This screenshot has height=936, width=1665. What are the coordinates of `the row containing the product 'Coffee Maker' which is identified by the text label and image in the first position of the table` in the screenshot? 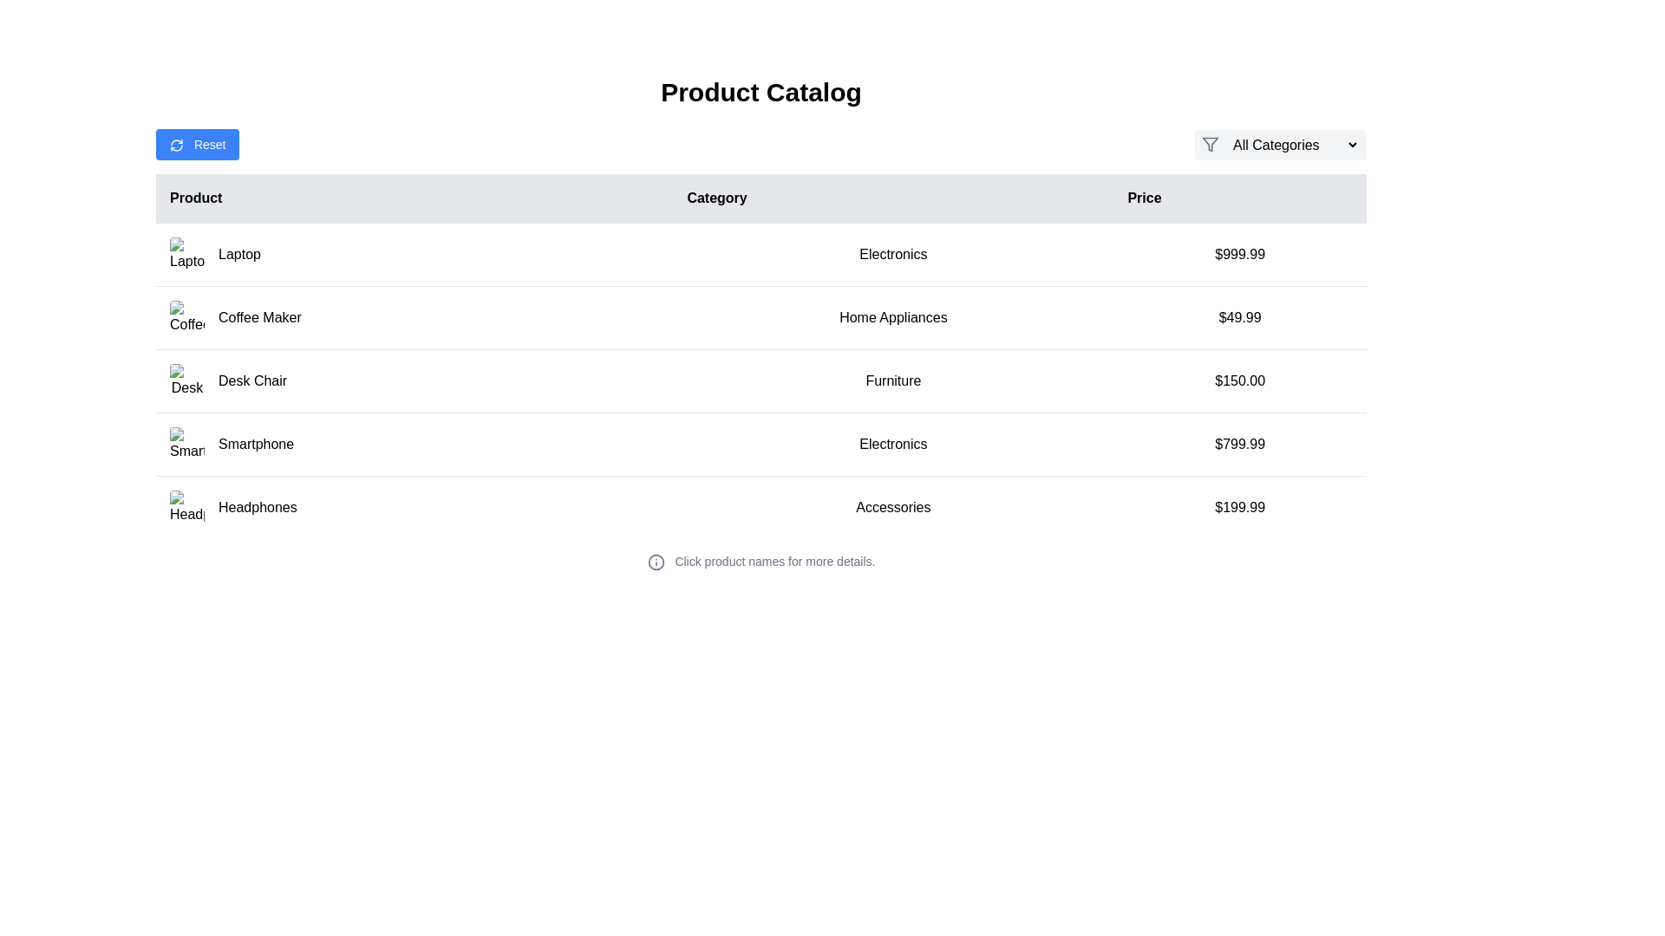 It's located at (414, 317).